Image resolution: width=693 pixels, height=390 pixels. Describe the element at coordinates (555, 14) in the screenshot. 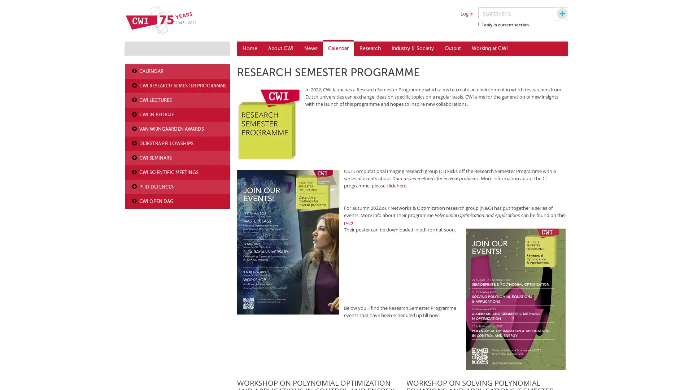

I see `Search` at that location.